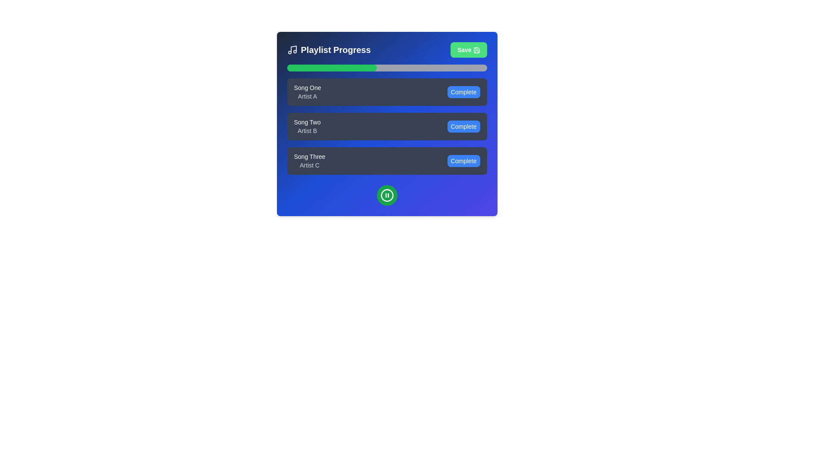 This screenshot has height=465, width=827. What do you see at coordinates (307, 131) in the screenshot?
I see `the text label displaying 'Artist B', which is styled in a lighter gray shade and positioned directly below the 'Song Two' label` at bounding box center [307, 131].